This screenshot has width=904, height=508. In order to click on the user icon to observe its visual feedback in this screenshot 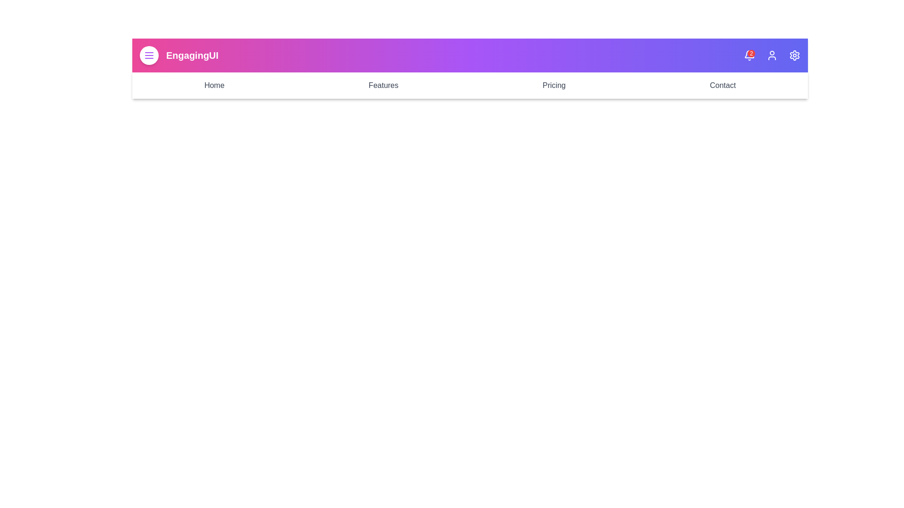, I will do `click(772, 56)`.